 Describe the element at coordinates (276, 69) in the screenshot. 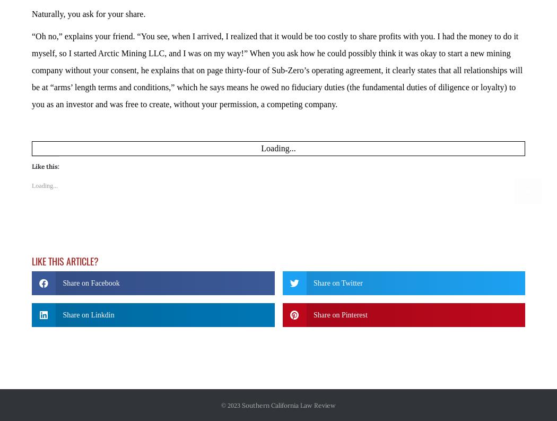

I see `'“Oh no,” explains your friend. “You see, when I arrived, I realized that it would be too costly to share profits with you. I had the money to do it myself, so I started Arctic Mining LLC, and I was on my way!” When you ask how he could possibly think it was okay to start a new mining company without your consent, he explains that on page thirty-four of Sub-Zero’s operating agreement, it clearly states that all relationships will be at “arms’ length terms and conditions,” which he says means he owed no fiduciary duties (the fundamental duties of diligence or loyalty) to you as an investor and was free to create, without your permission, a competing company.'` at that location.